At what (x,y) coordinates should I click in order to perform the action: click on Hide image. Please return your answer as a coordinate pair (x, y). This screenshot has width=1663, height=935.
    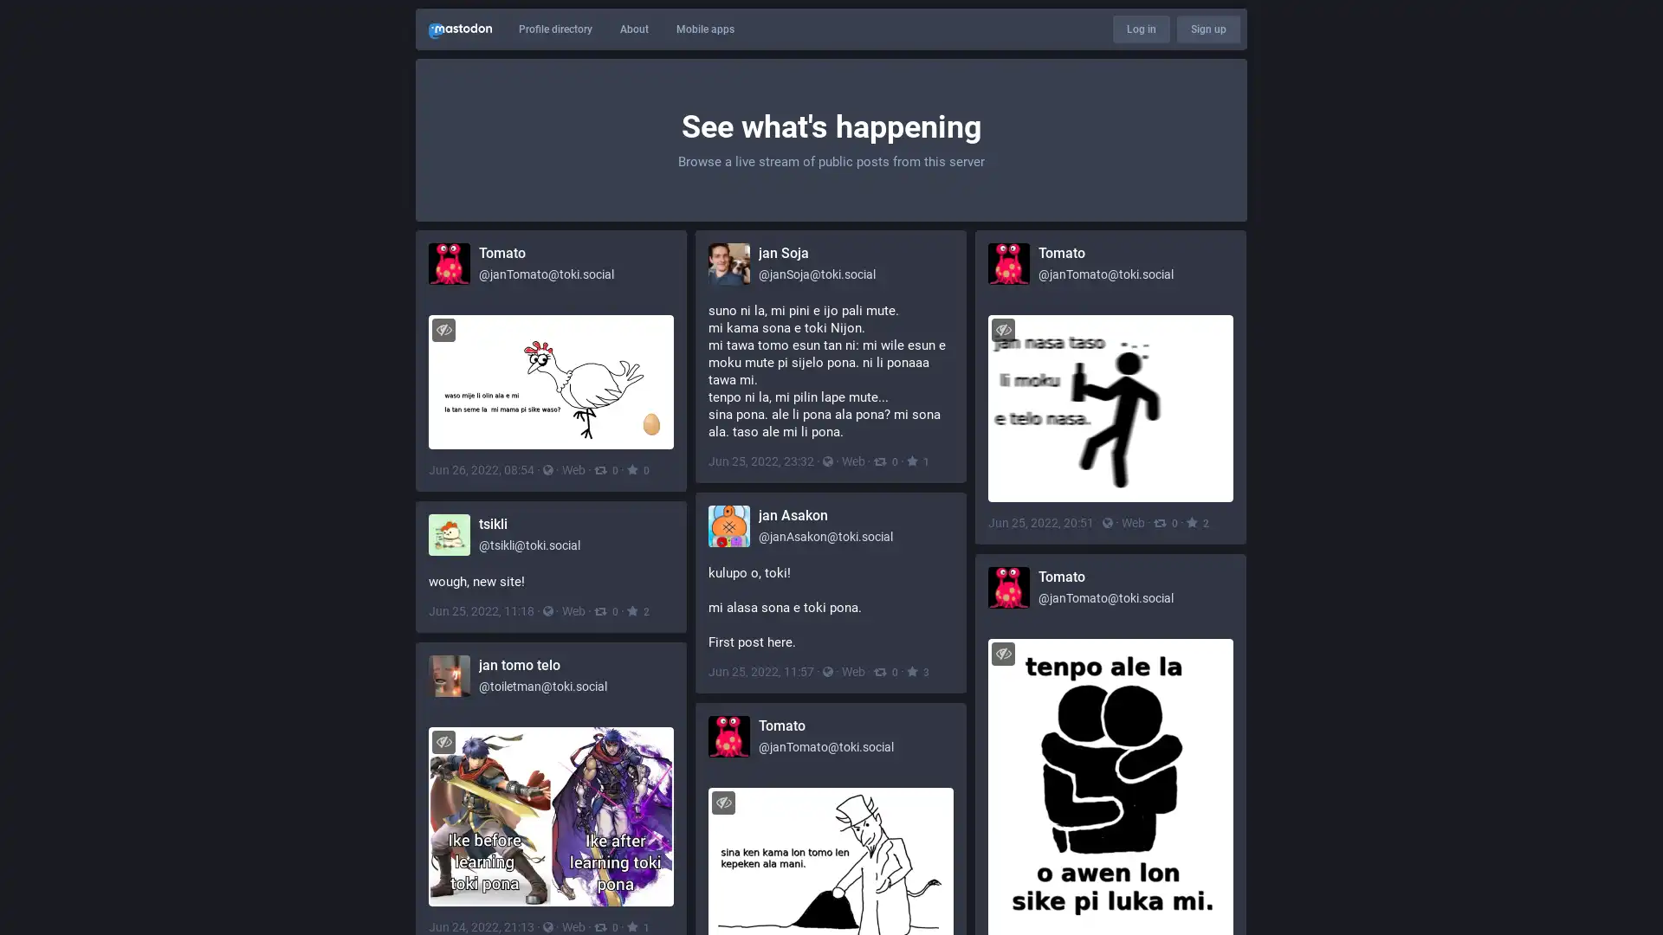
    Looking at the image, I should click on (443, 740).